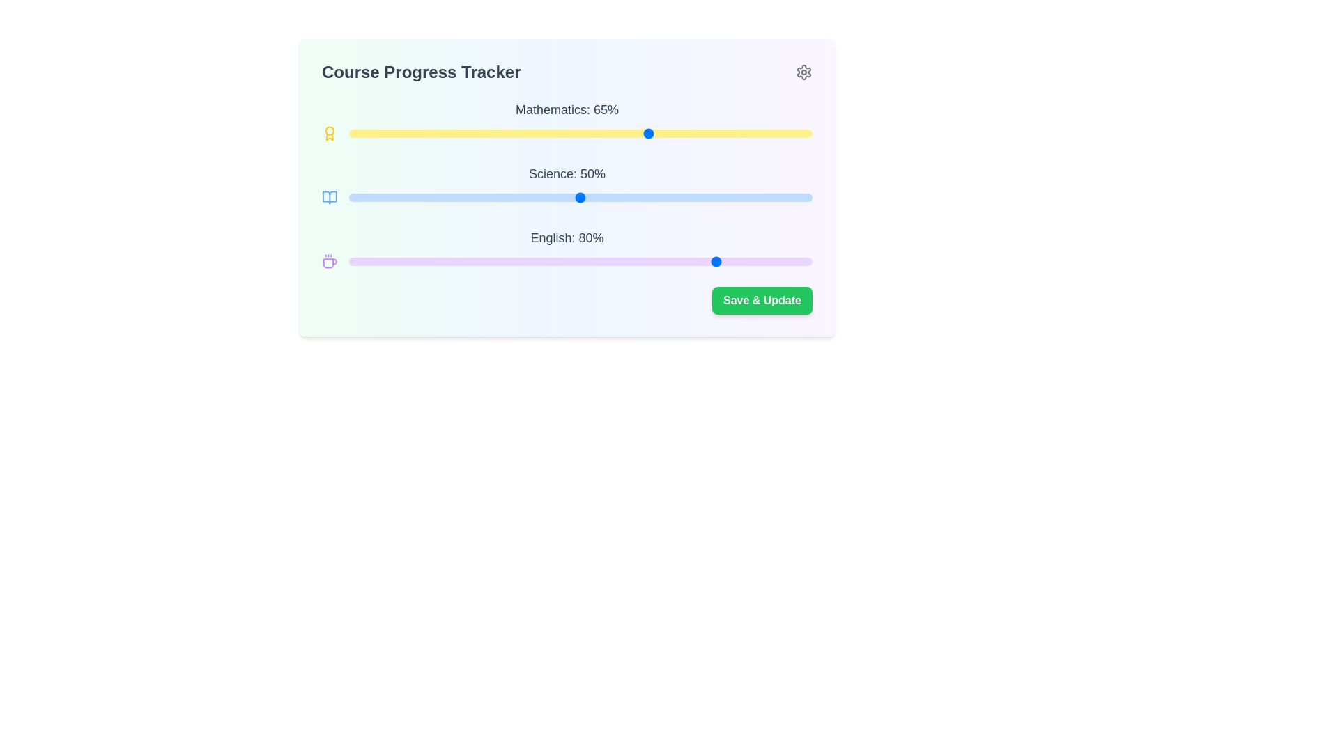 This screenshot has height=752, width=1338. What do you see at coordinates (567, 173) in the screenshot?
I see `the text label displaying 'Science: 50%' which is prominently positioned in the center of its allocated space, aligned with a progress bar and small icon` at bounding box center [567, 173].